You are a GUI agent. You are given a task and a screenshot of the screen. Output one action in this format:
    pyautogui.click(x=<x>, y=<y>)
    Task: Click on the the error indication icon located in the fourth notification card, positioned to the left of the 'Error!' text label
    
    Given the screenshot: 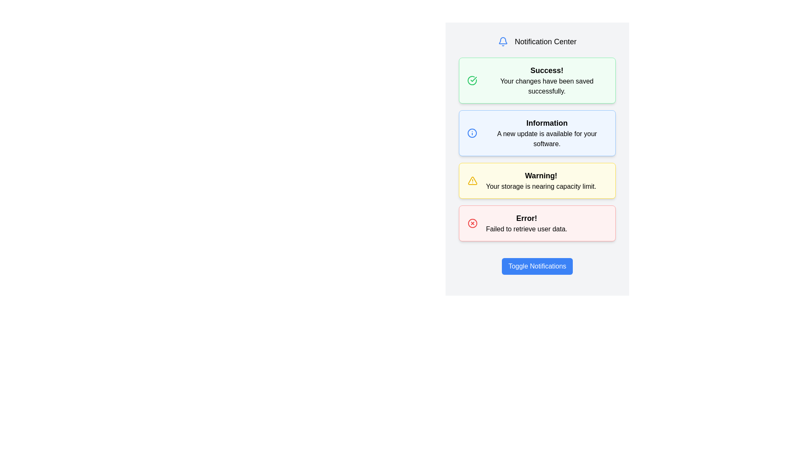 What is the action you would take?
    pyautogui.click(x=472, y=223)
    